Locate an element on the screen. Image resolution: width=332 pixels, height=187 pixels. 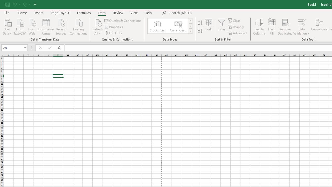
'Advanced...' is located at coordinates (237, 33).